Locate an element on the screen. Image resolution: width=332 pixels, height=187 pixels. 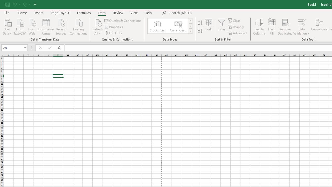
'Advanced...' is located at coordinates (237, 33).